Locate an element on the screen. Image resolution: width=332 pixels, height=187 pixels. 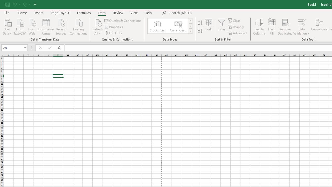
'Advanced...' is located at coordinates (237, 33).